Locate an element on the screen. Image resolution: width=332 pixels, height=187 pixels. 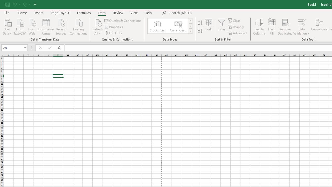
'Advanced...' is located at coordinates (237, 33).